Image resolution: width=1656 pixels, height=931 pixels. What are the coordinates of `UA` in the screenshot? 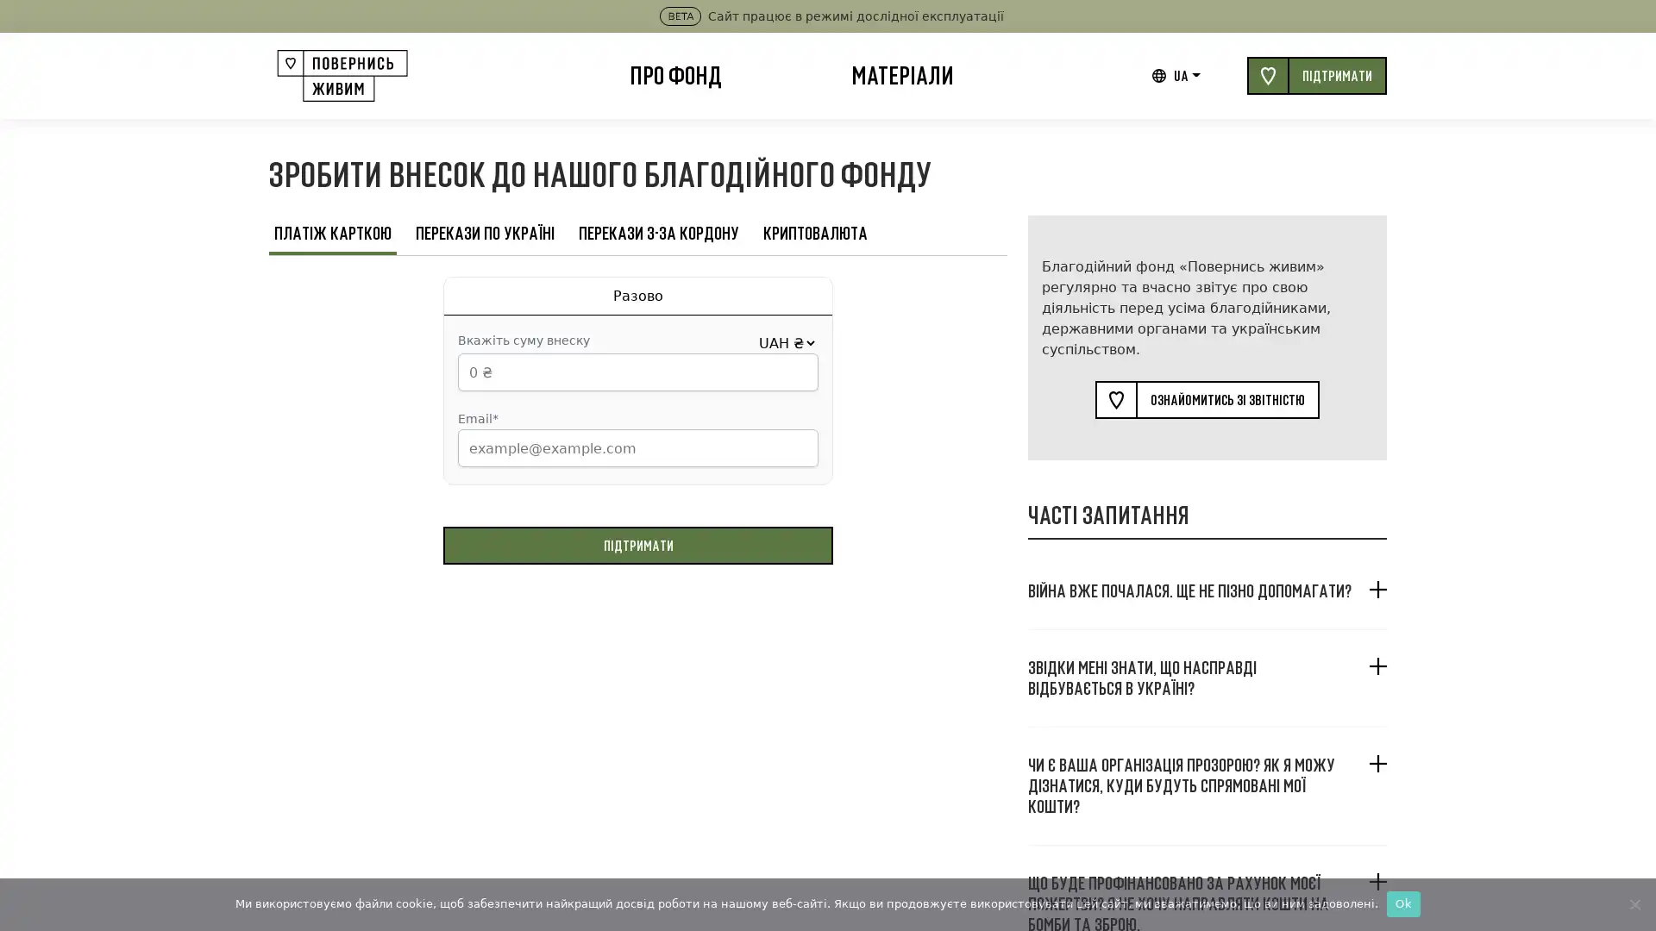 It's located at (1186, 75).